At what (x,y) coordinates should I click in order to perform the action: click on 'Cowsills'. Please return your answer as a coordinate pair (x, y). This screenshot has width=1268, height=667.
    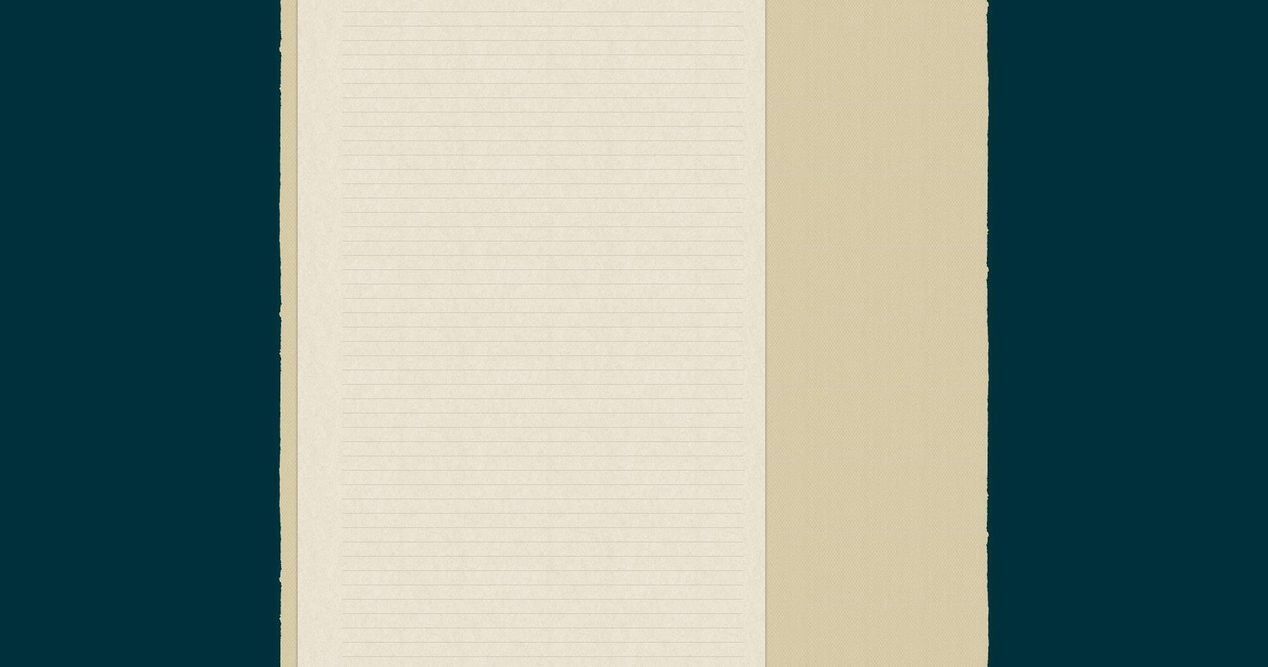
    Looking at the image, I should click on (359, 524).